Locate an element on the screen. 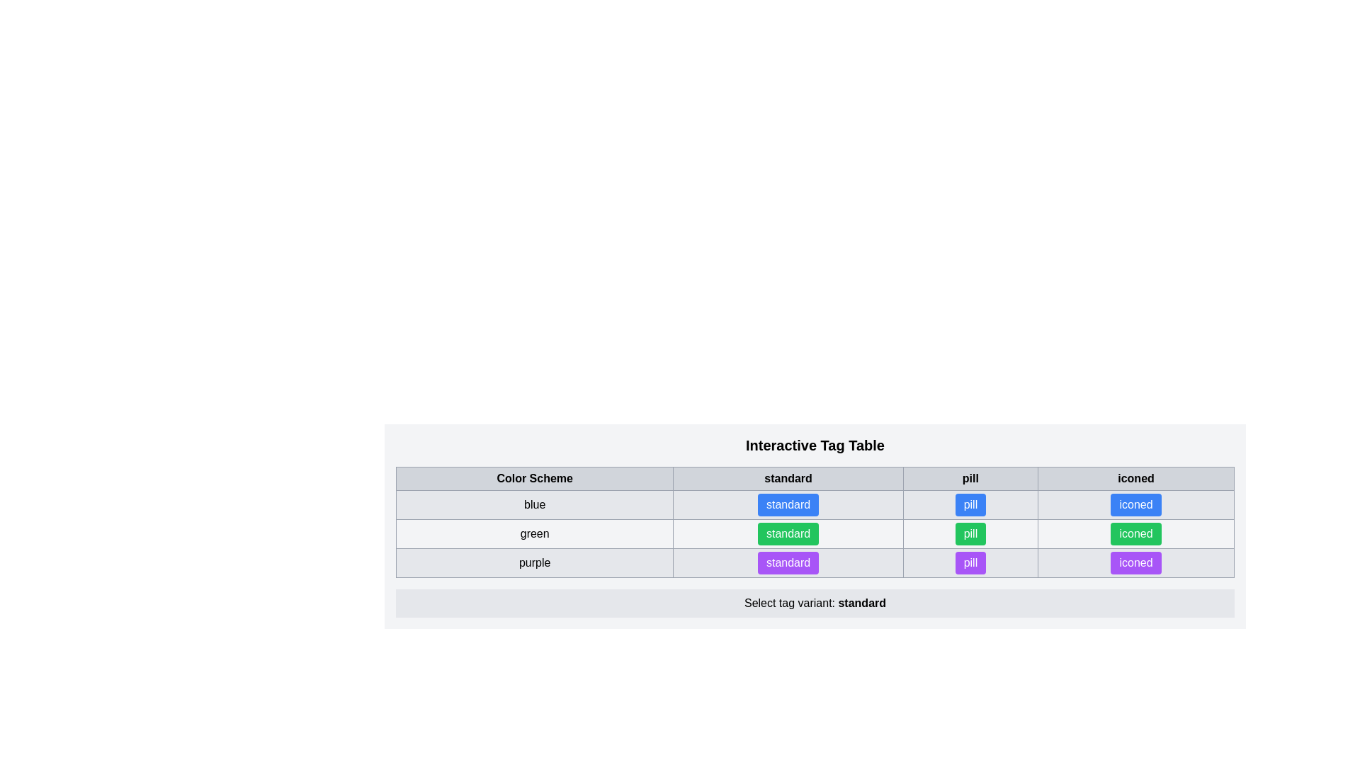 The width and height of the screenshot is (1360, 765). the text label displaying the word 'green' in black color, which is located in the second row of the table under the 'Color Scheme' column is located at coordinates (534, 533).